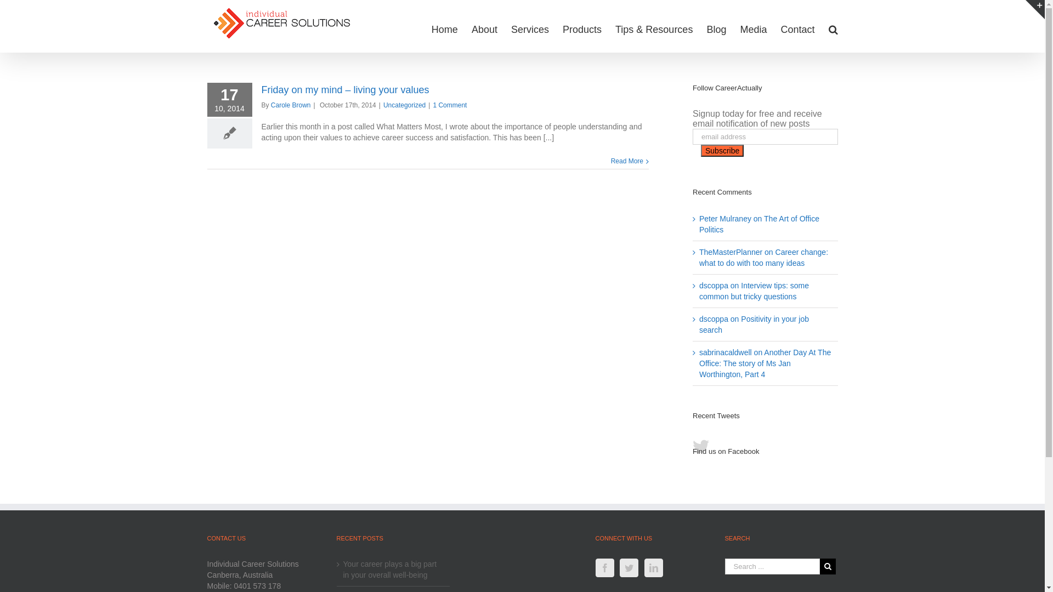  I want to click on 'TheMasterPlanner', so click(731, 252).